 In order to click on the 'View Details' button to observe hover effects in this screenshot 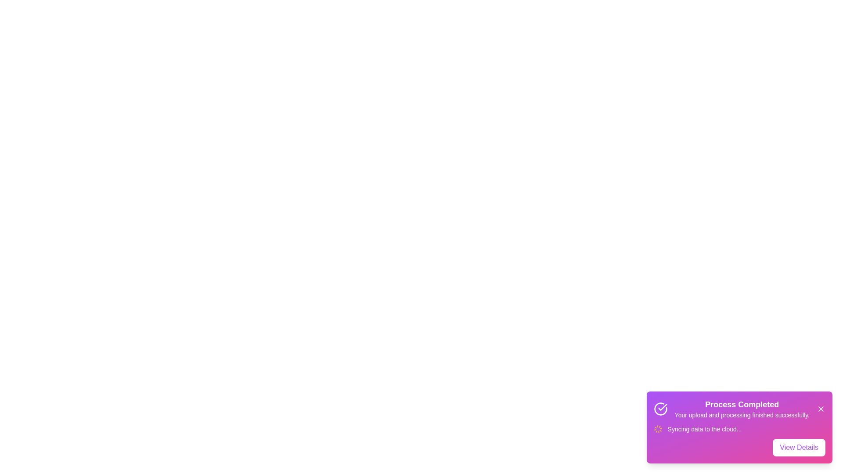, I will do `click(799, 447)`.